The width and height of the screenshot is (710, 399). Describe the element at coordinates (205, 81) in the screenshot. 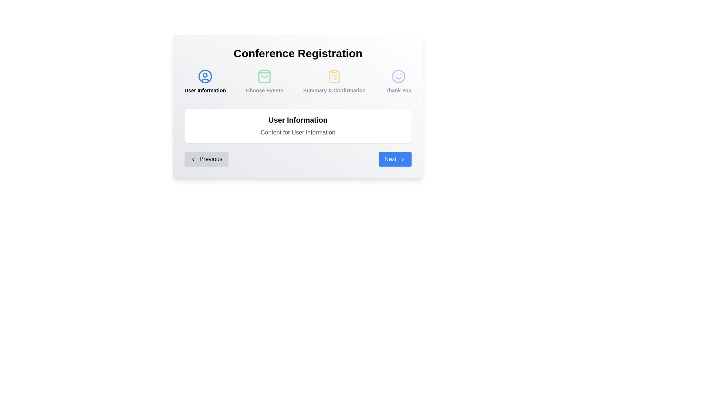

I see `the first button-like navigation item in the horizontal menu, which indicates the user's current or available navigation option` at that location.